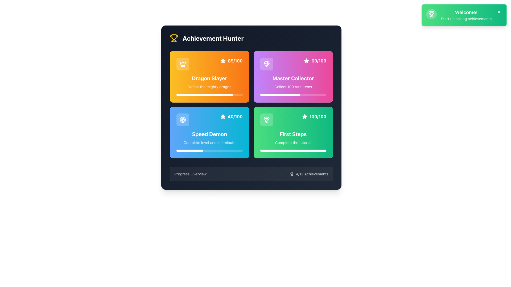 Image resolution: width=511 pixels, height=287 pixels. Describe the element at coordinates (204, 95) in the screenshot. I see `the progress bar indicating the completion of the 'Dragon Slayer' achievement, located at the bottom portion of the achievement card` at that location.